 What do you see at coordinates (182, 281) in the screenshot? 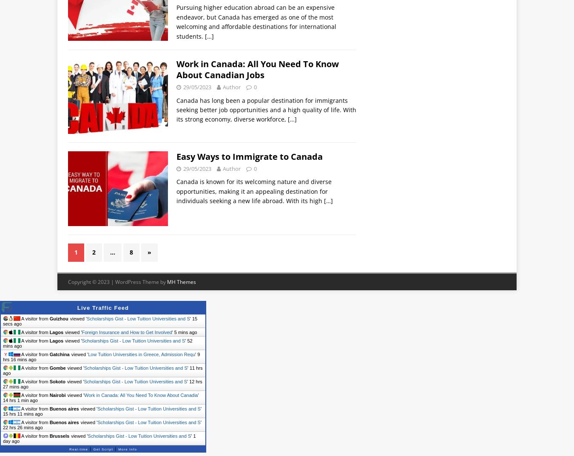
I see `'MH Themes'` at bounding box center [182, 281].